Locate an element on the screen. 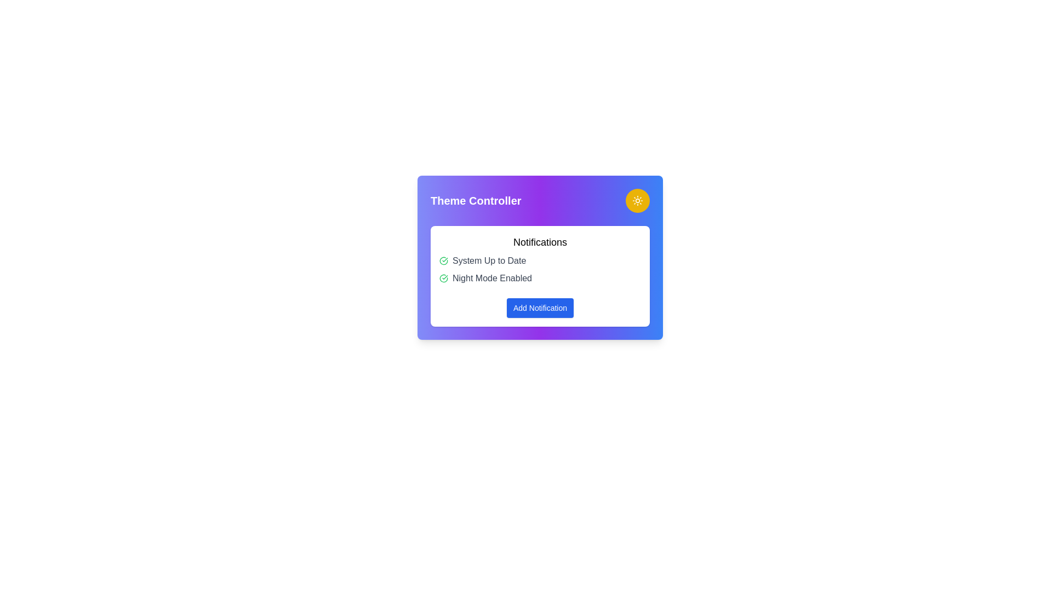 Image resolution: width=1052 pixels, height=591 pixels. the static text indicating that the night mode feature is active, which is the second item under the 'Notifications' section, located below the 'System Up to Date' message and aligned with a green checkmark icon is located at coordinates (491, 278).